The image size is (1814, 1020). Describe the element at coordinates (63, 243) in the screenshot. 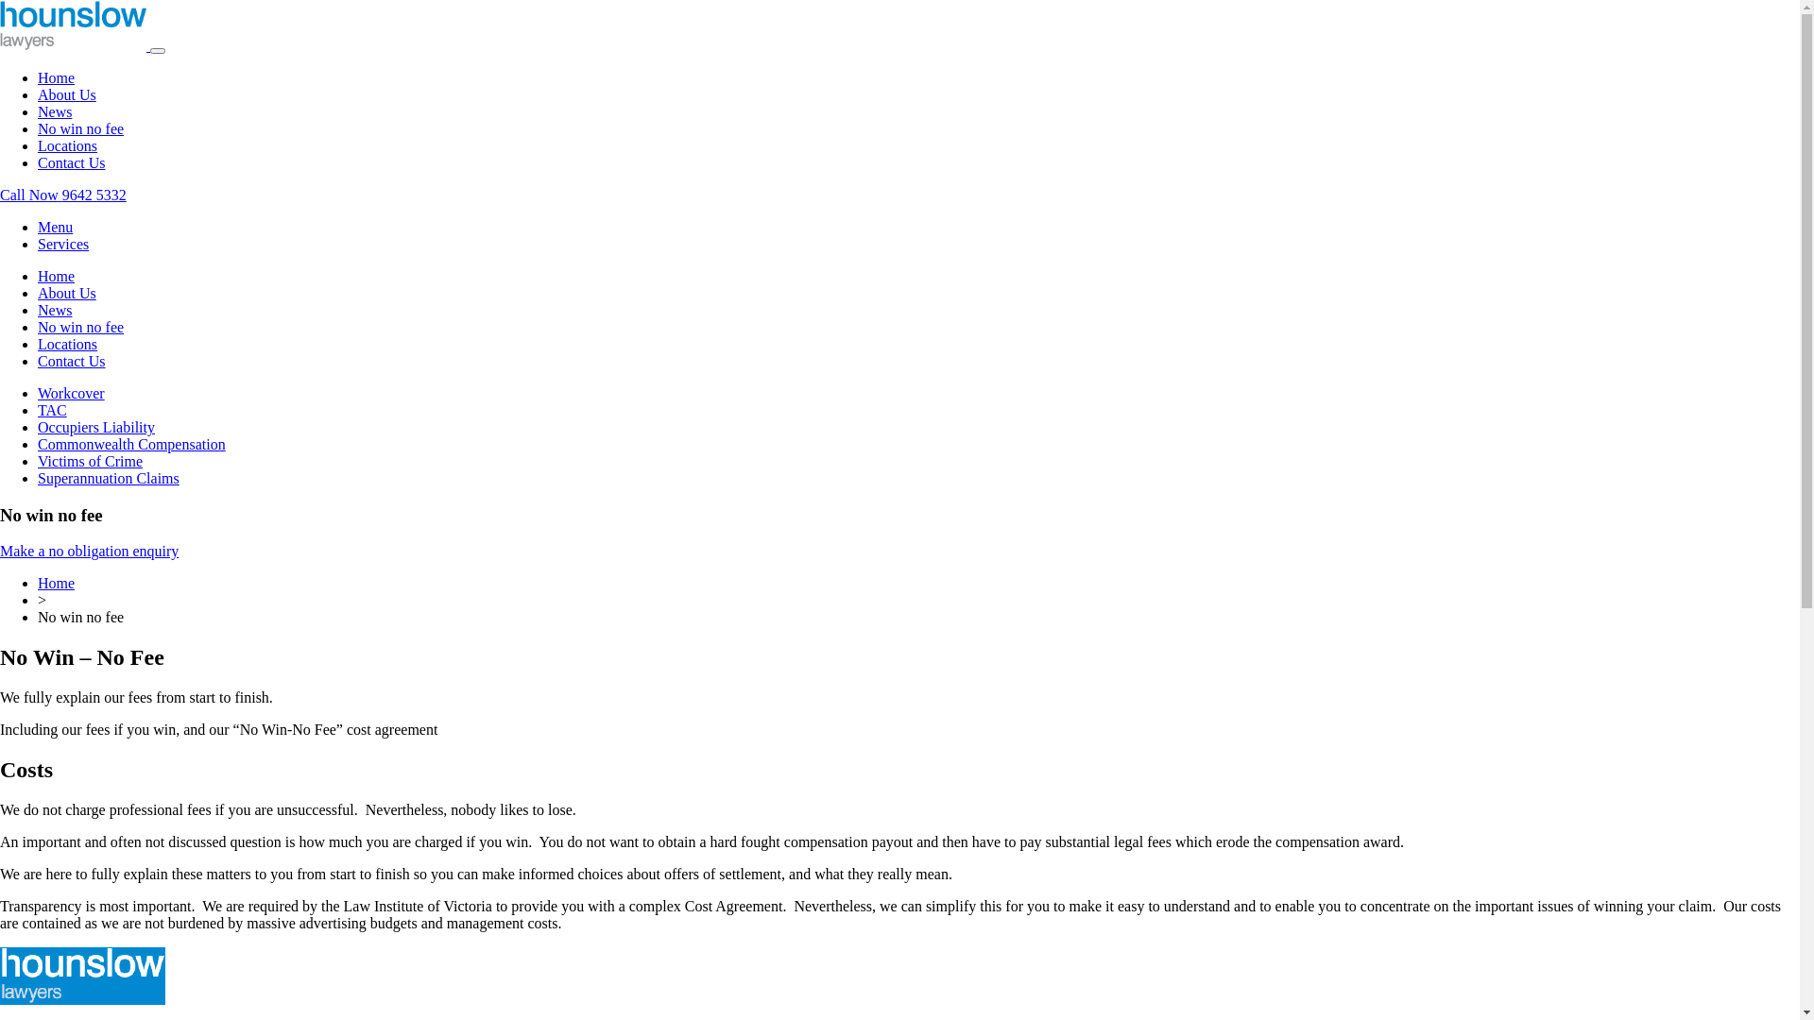

I see `'Services'` at that location.